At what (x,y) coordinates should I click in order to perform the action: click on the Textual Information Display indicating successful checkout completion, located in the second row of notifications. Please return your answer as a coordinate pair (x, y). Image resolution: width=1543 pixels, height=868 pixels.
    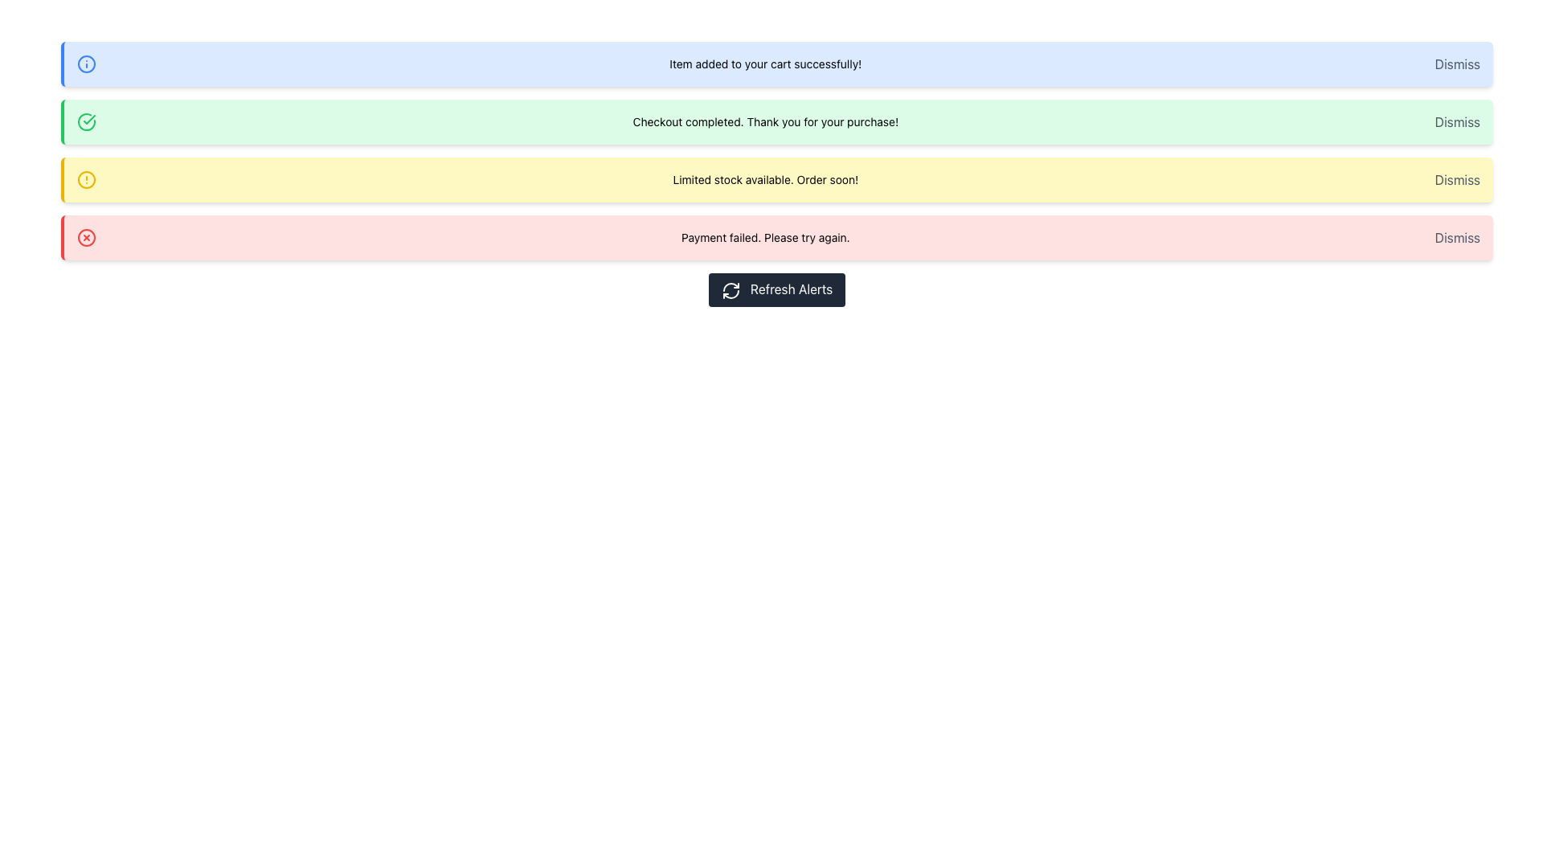
    Looking at the image, I should click on (764, 121).